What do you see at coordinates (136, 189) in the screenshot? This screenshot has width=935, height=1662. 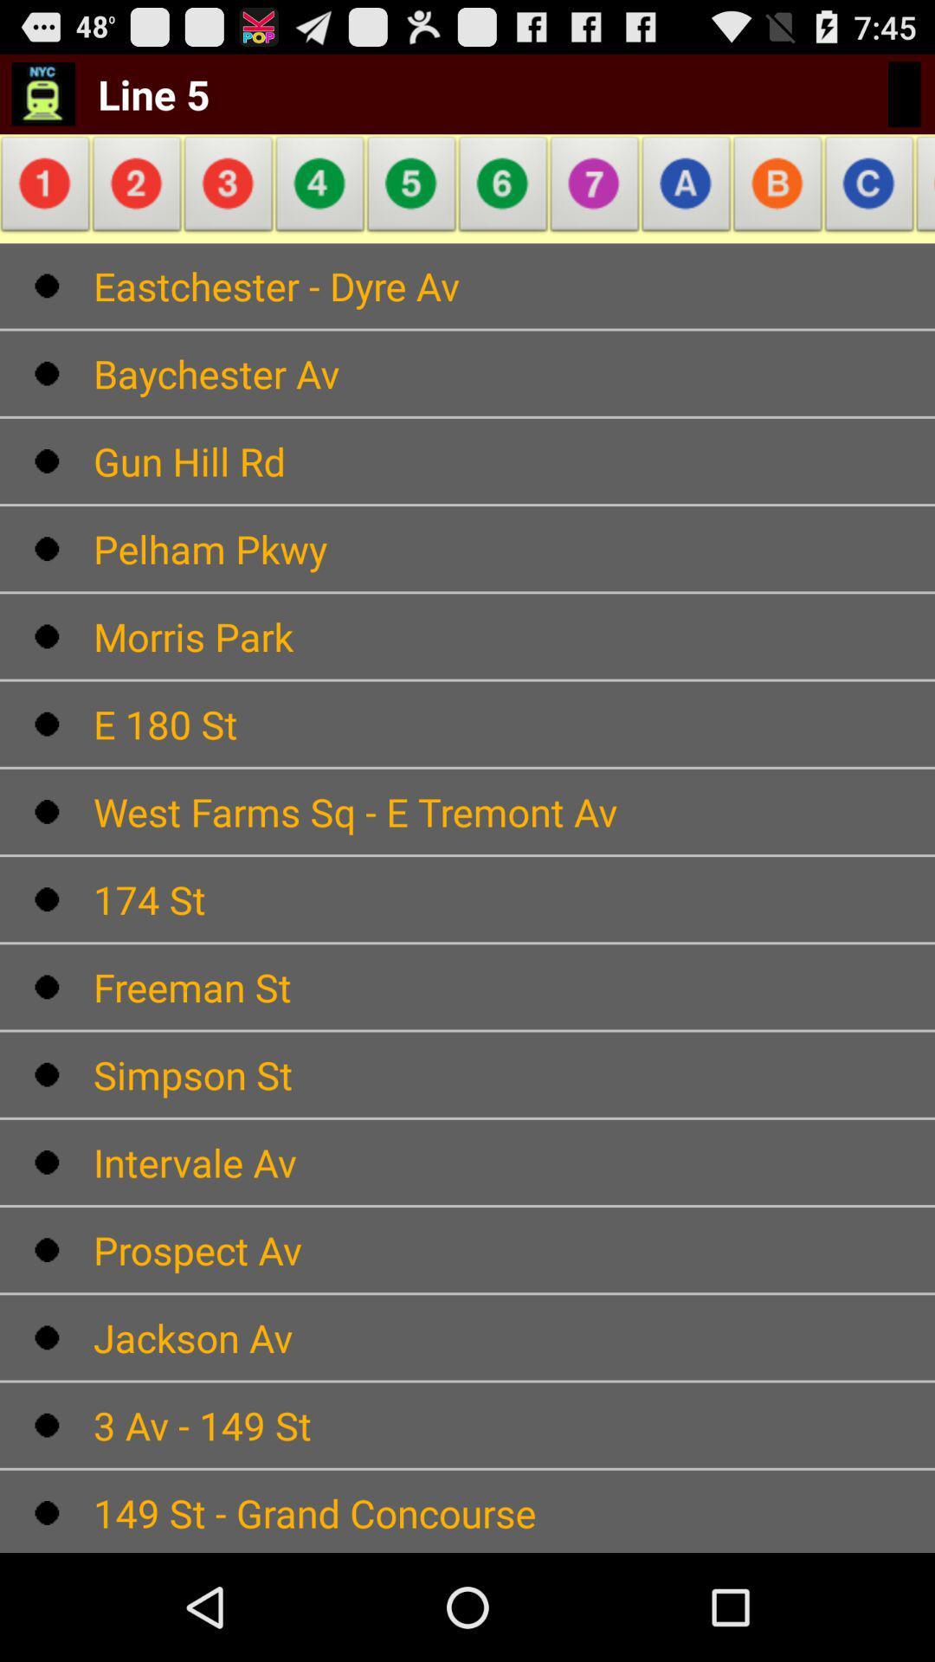 I see `the app below the line 5 icon` at bounding box center [136, 189].